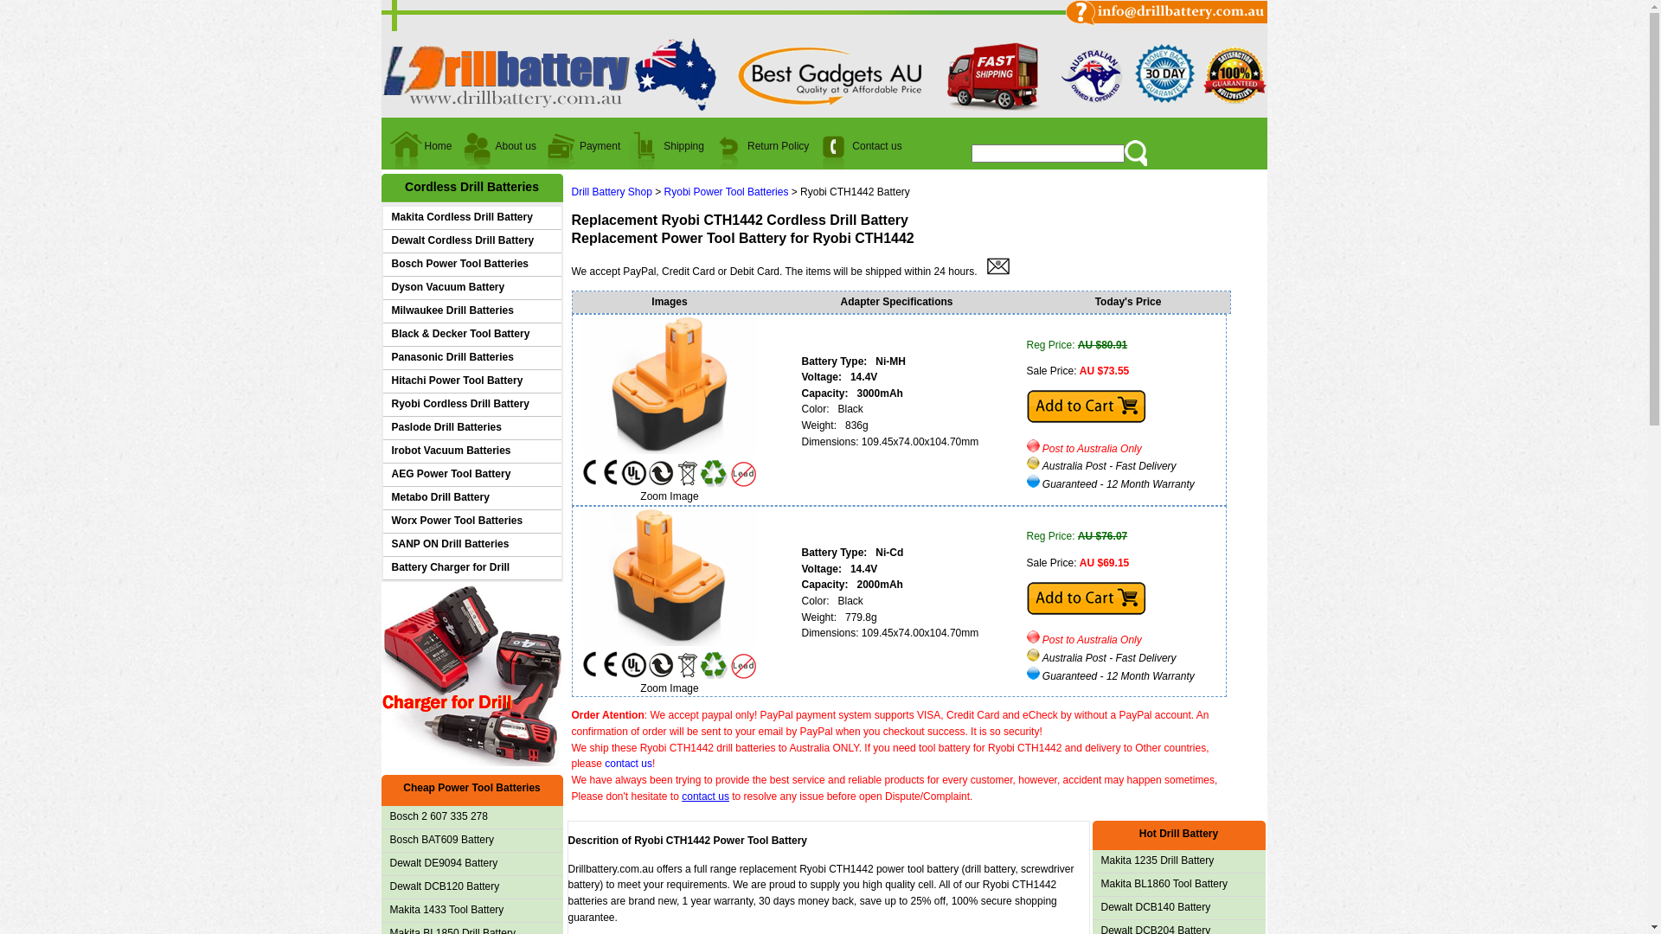  Describe the element at coordinates (471, 864) in the screenshot. I see `'Dewalt DE9094 Battery'` at that location.